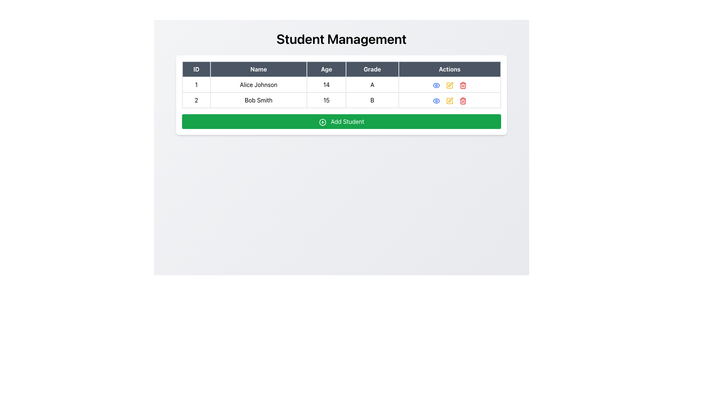 The height and width of the screenshot is (398, 709). I want to click on the blue eye icon in the 'Actions' column of the second row for 'Bob Smith', so click(436, 85).